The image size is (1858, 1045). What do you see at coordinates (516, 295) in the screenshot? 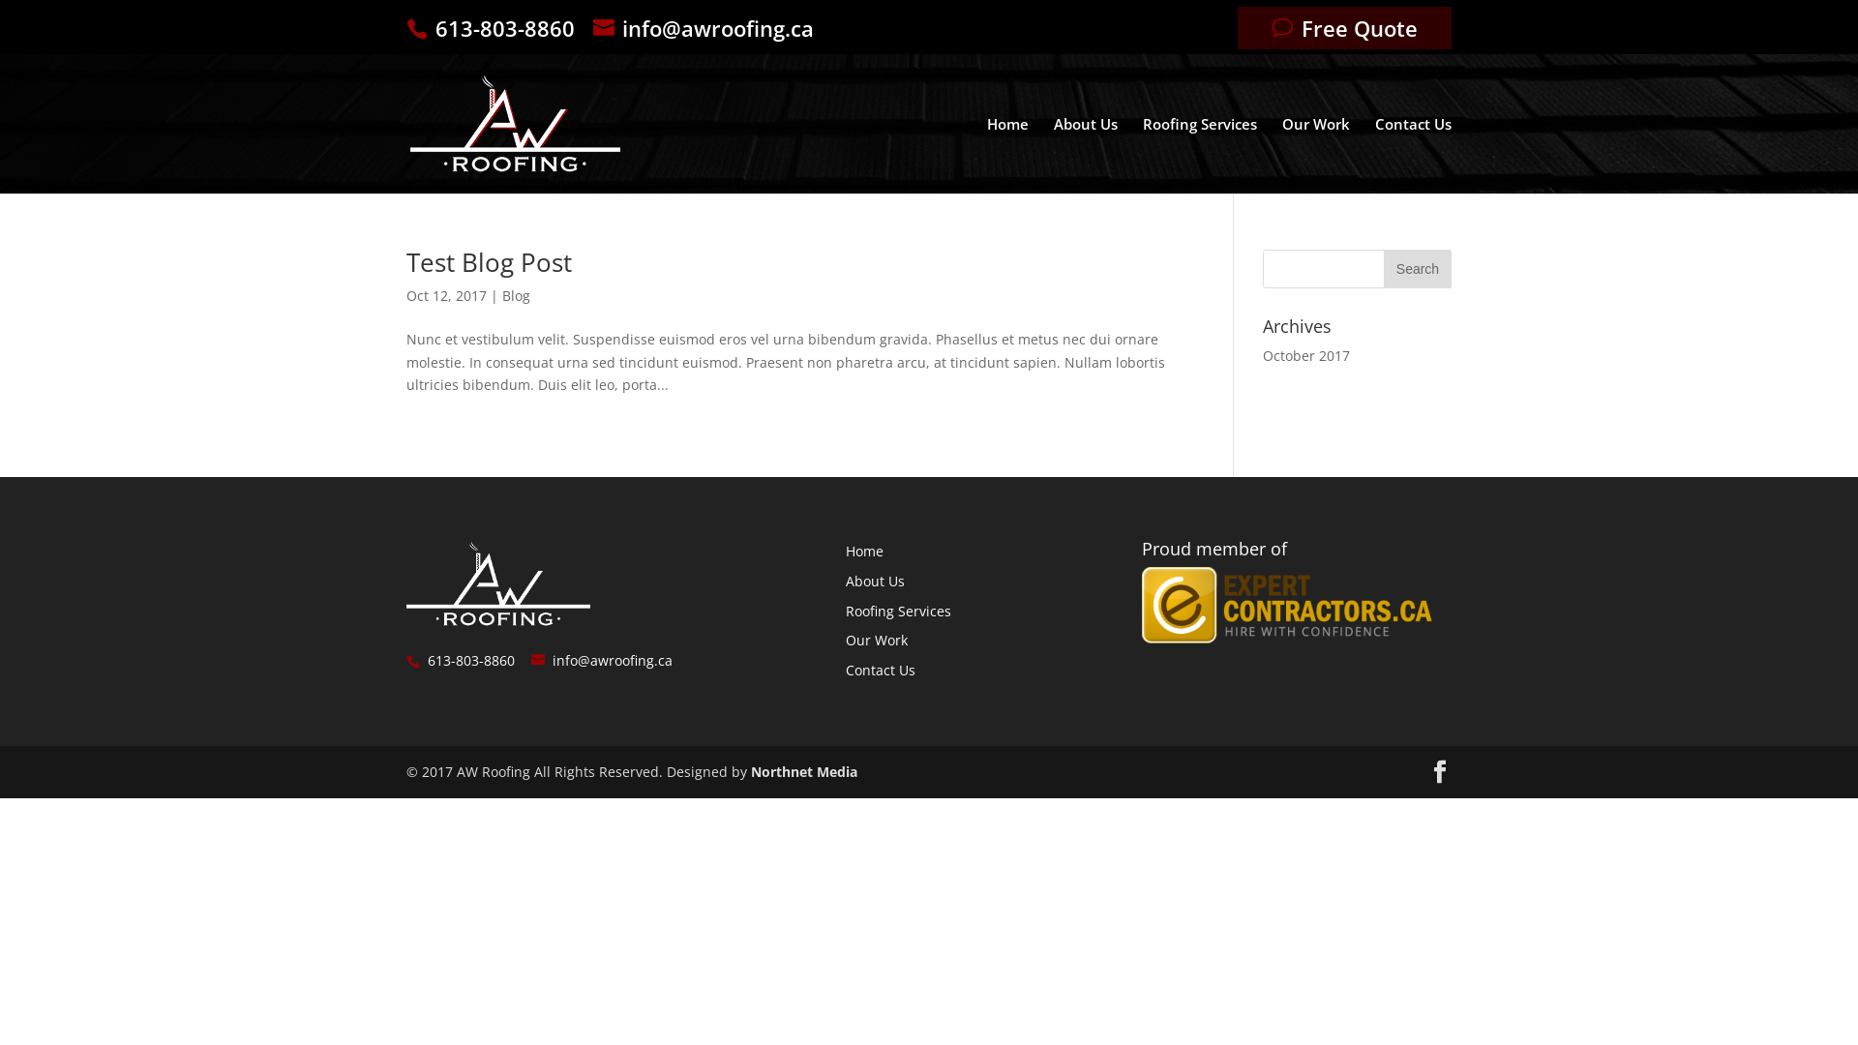
I see `'Blog'` at bounding box center [516, 295].